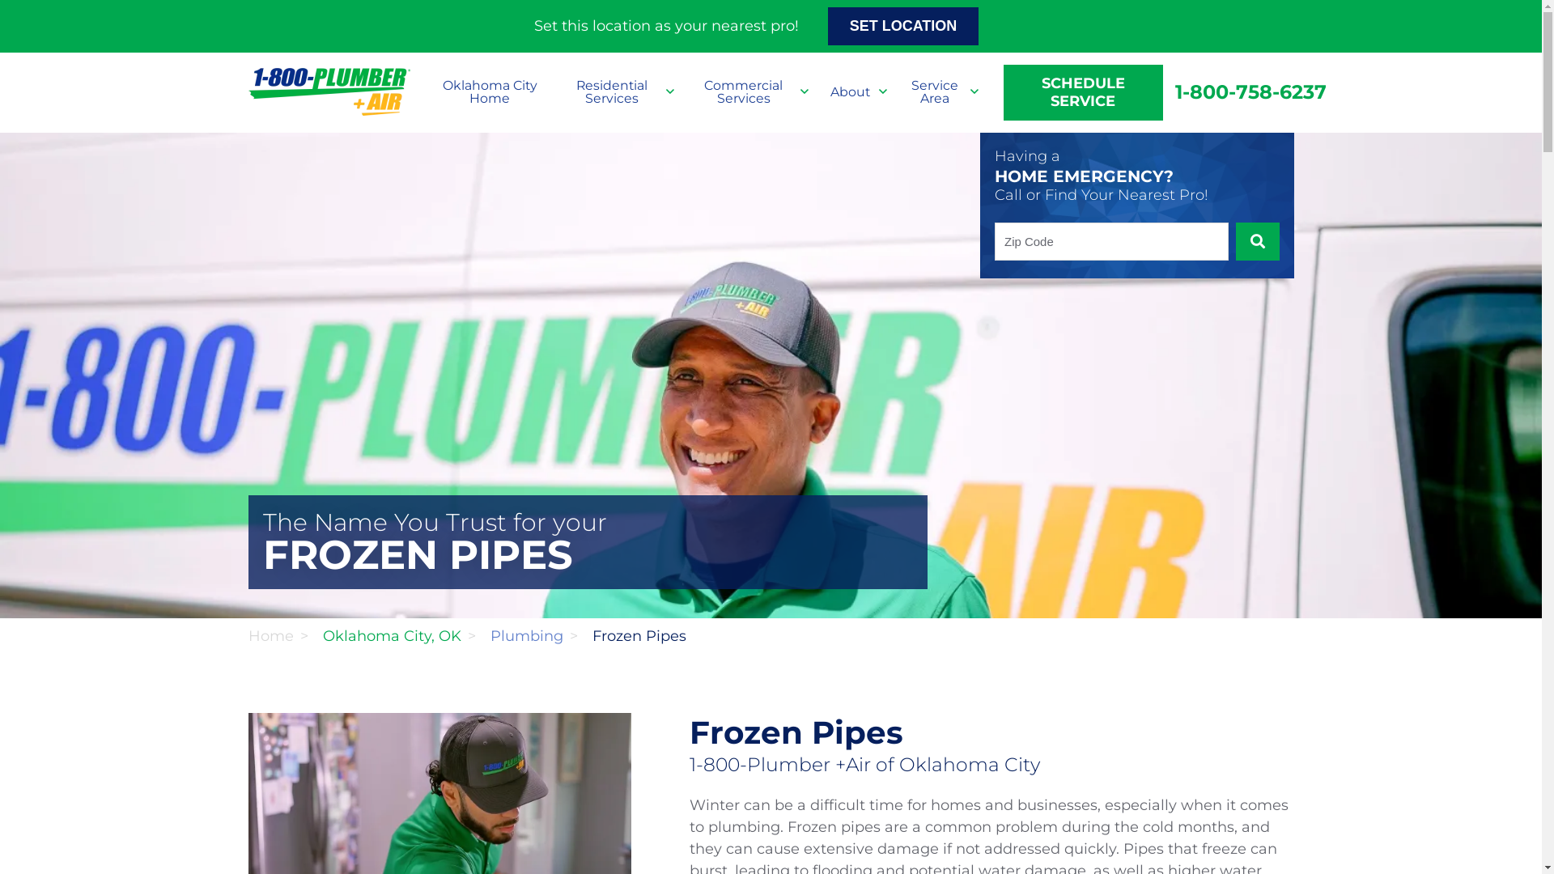  What do you see at coordinates (391, 635) in the screenshot?
I see `'Oklahoma City, OK'` at bounding box center [391, 635].